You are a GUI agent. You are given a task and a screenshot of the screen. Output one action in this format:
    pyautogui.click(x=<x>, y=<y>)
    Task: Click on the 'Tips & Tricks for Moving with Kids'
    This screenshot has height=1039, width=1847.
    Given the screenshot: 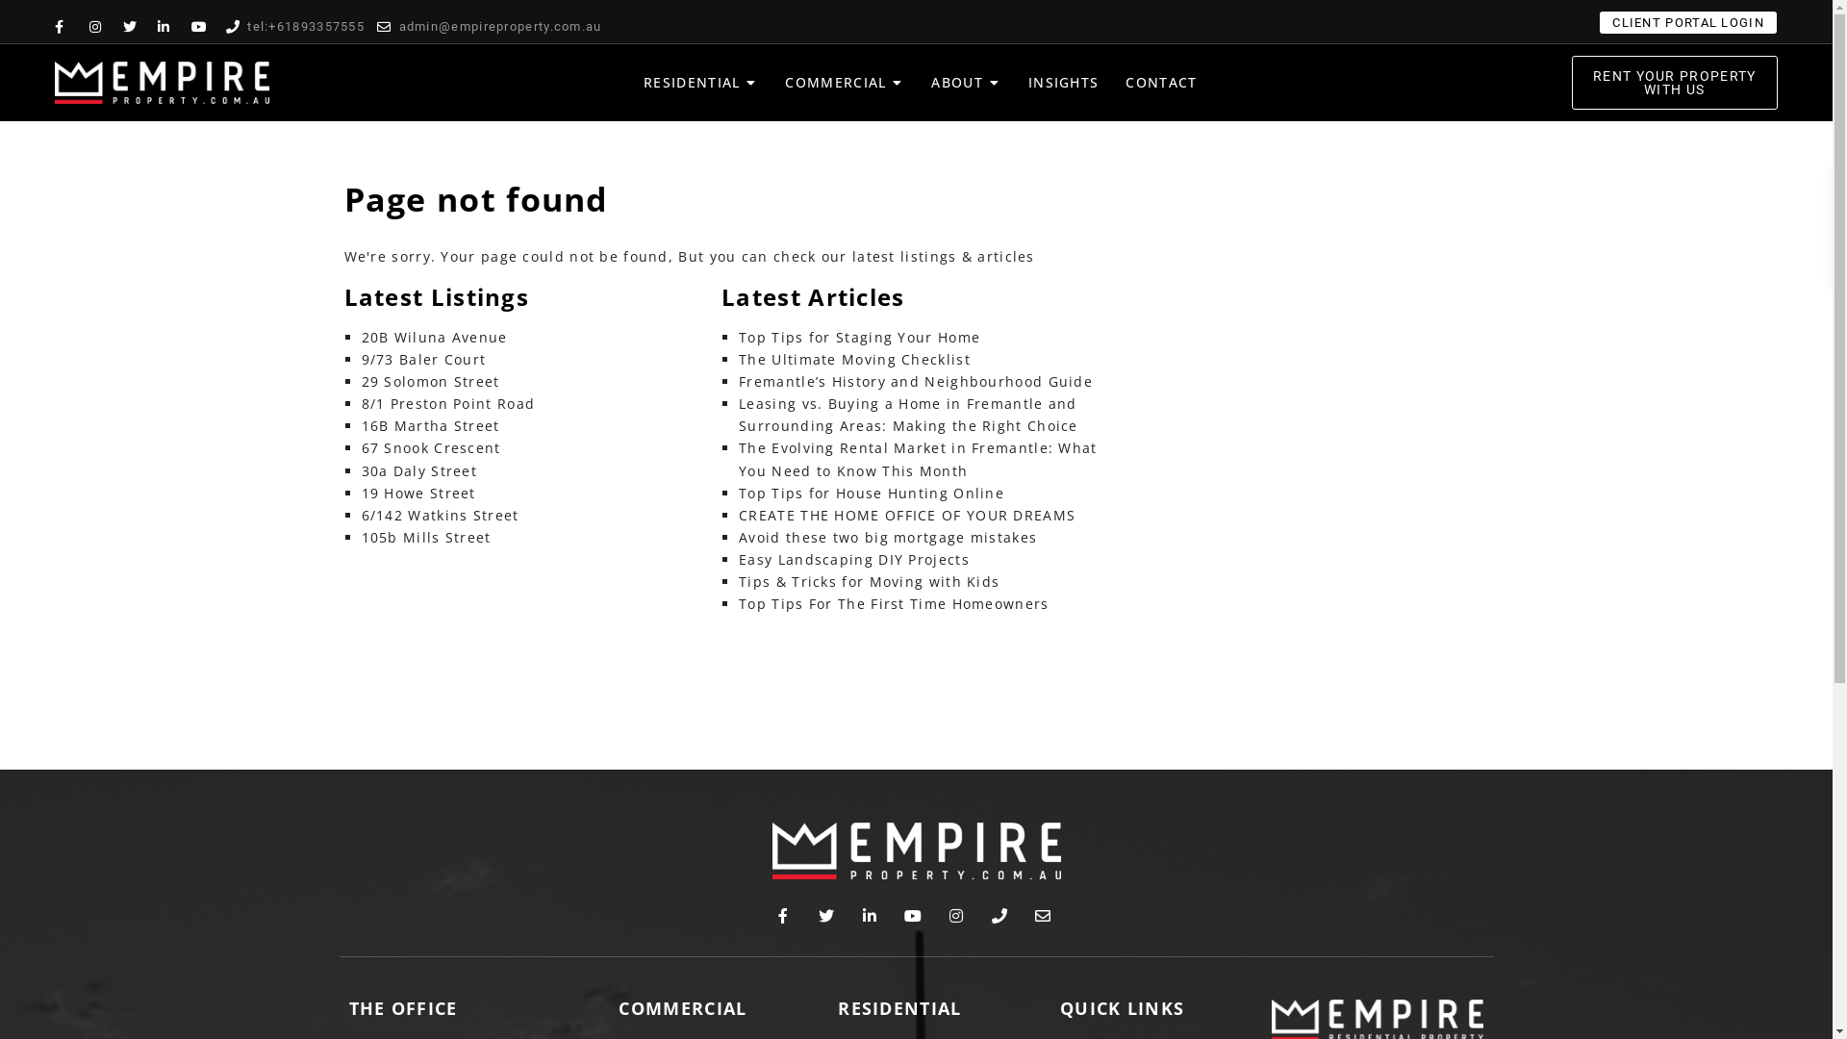 What is the action you would take?
    pyautogui.click(x=868, y=580)
    